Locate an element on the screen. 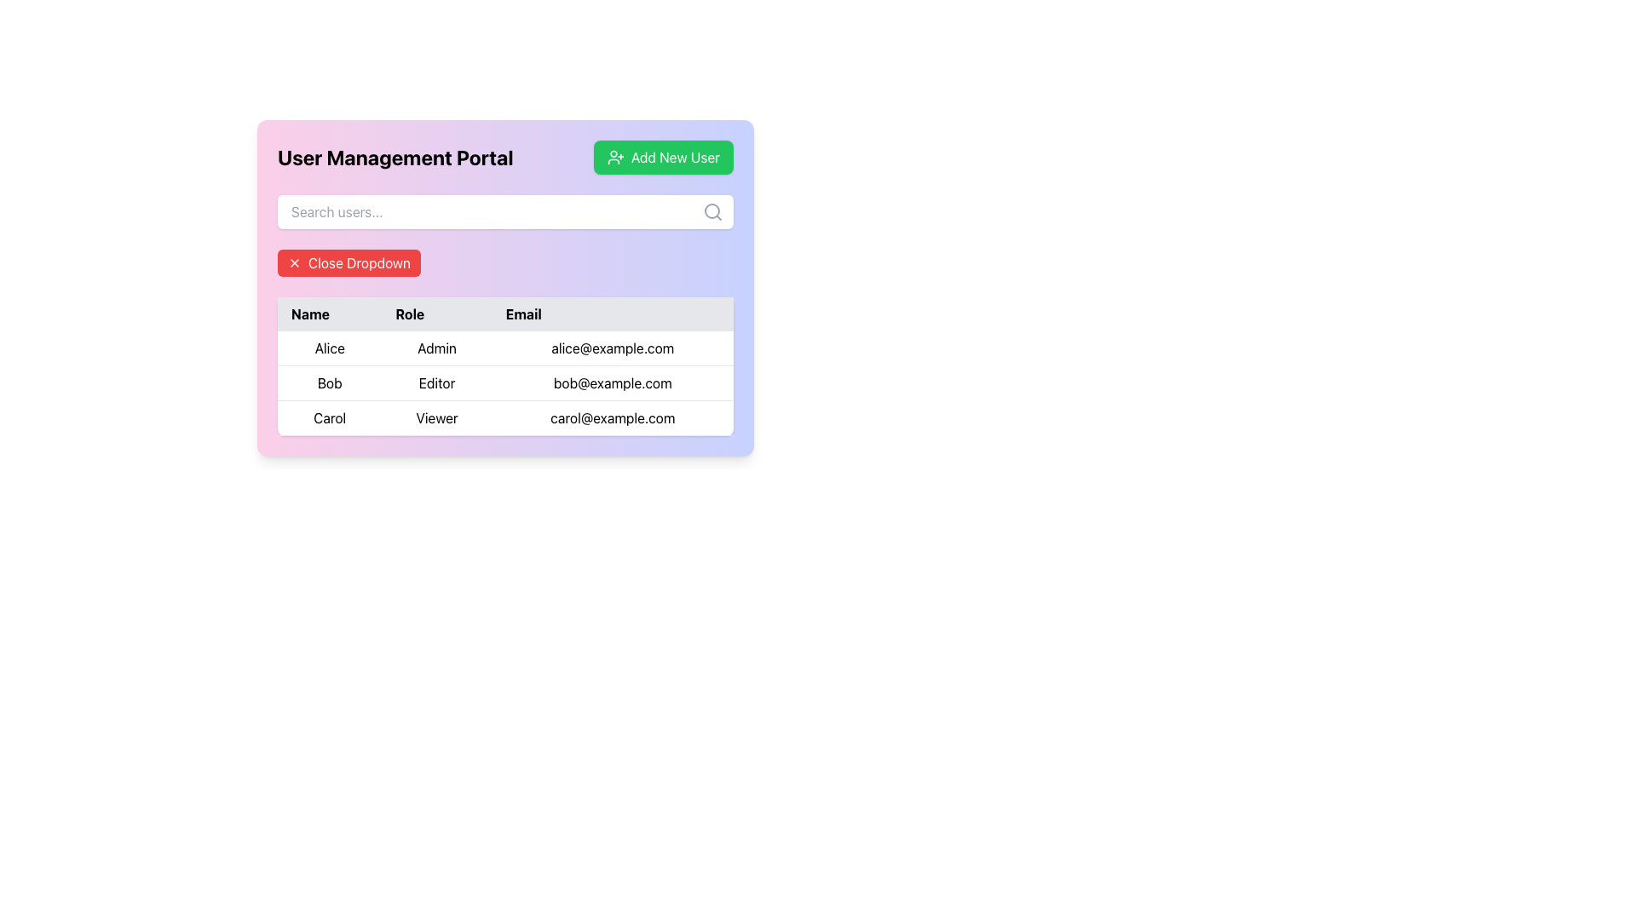 The width and height of the screenshot is (1636, 920). the search icon located at the right end of the search input field is located at coordinates (712, 211).